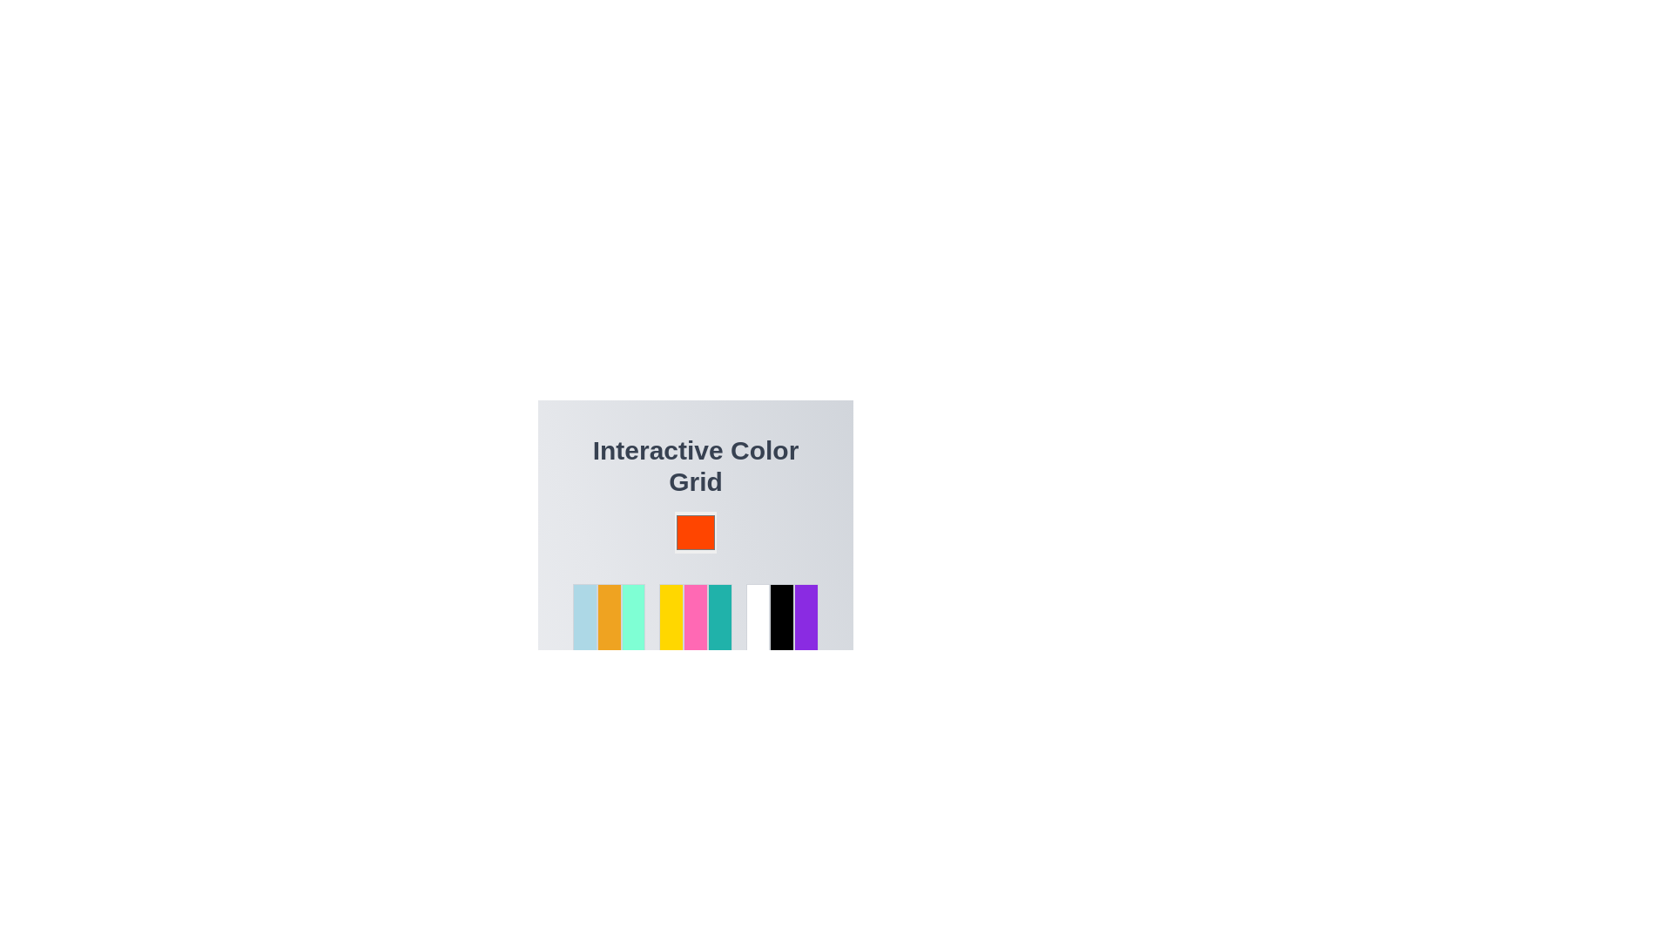  Describe the element at coordinates (694, 532) in the screenshot. I see `the square-shaped color block with a solid orange fill located below the title 'Interactive Color Grid'` at that location.